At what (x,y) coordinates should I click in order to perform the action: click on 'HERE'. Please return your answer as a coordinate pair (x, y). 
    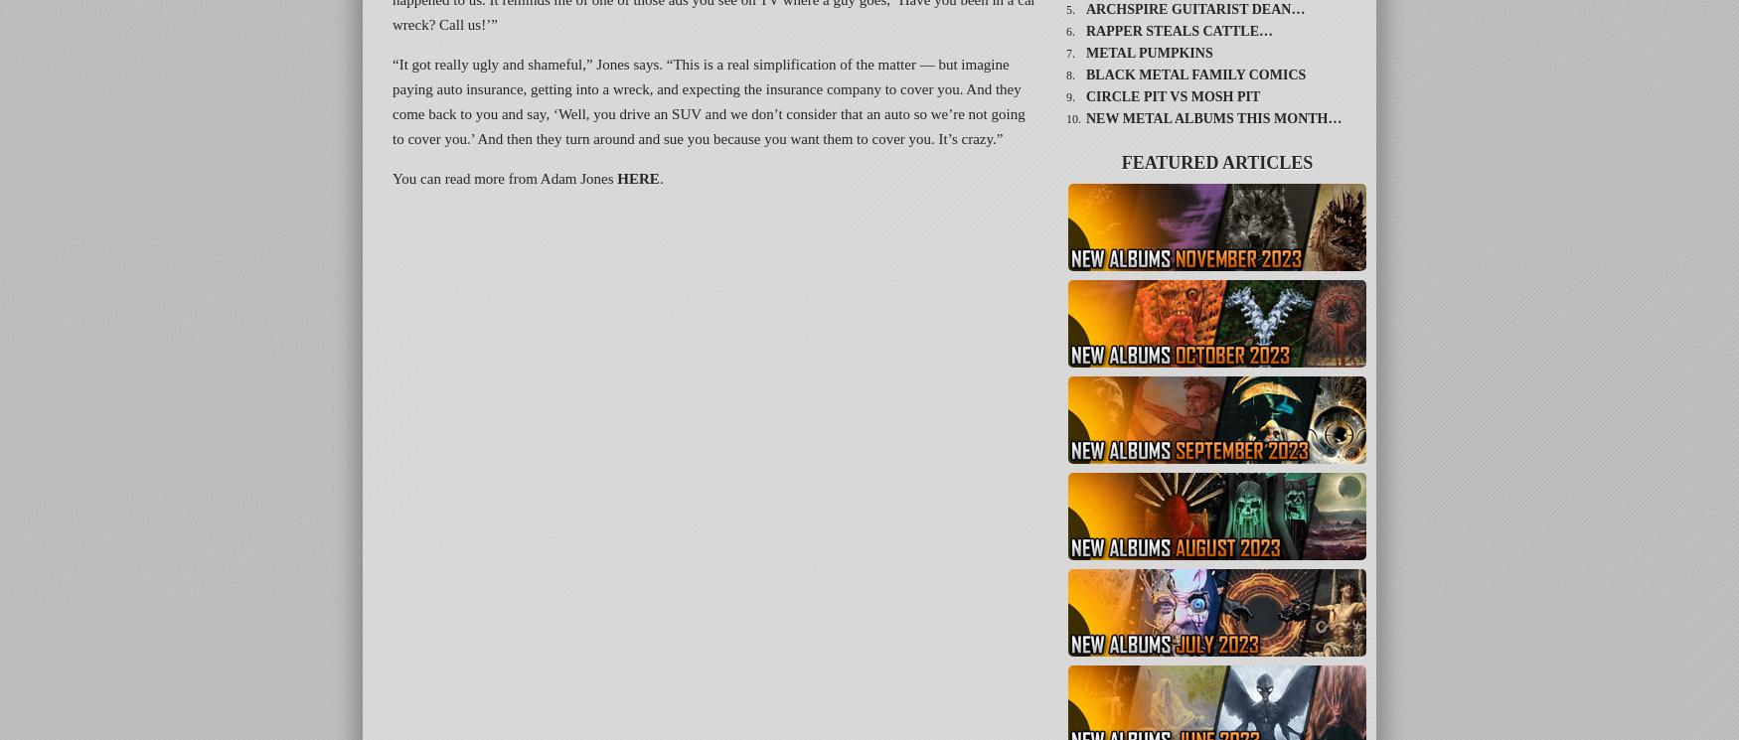
    Looking at the image, I should click on (637, 177).